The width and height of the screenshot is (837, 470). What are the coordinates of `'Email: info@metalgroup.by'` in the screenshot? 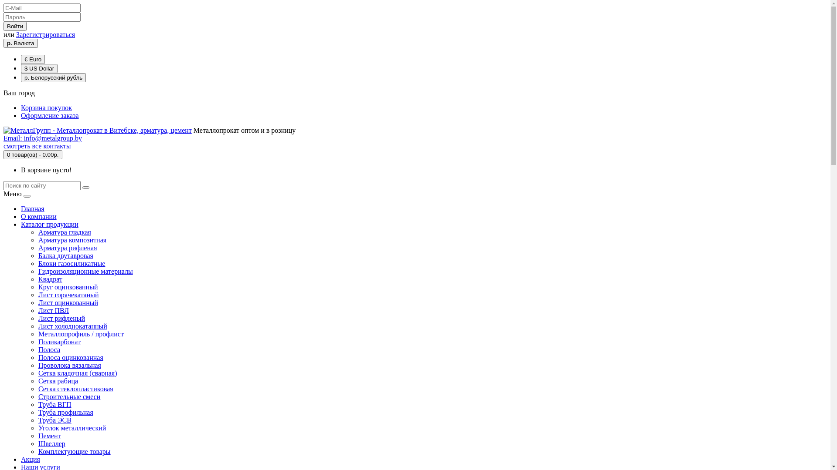 It's located at (3, 138).